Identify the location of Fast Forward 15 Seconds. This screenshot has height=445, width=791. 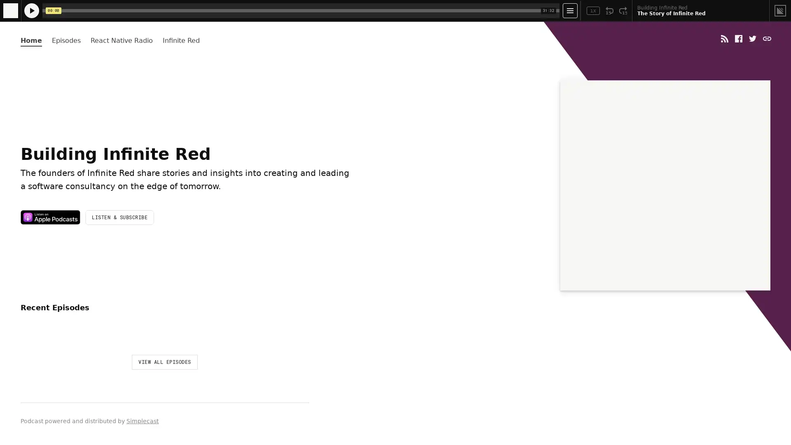
(623, 11).